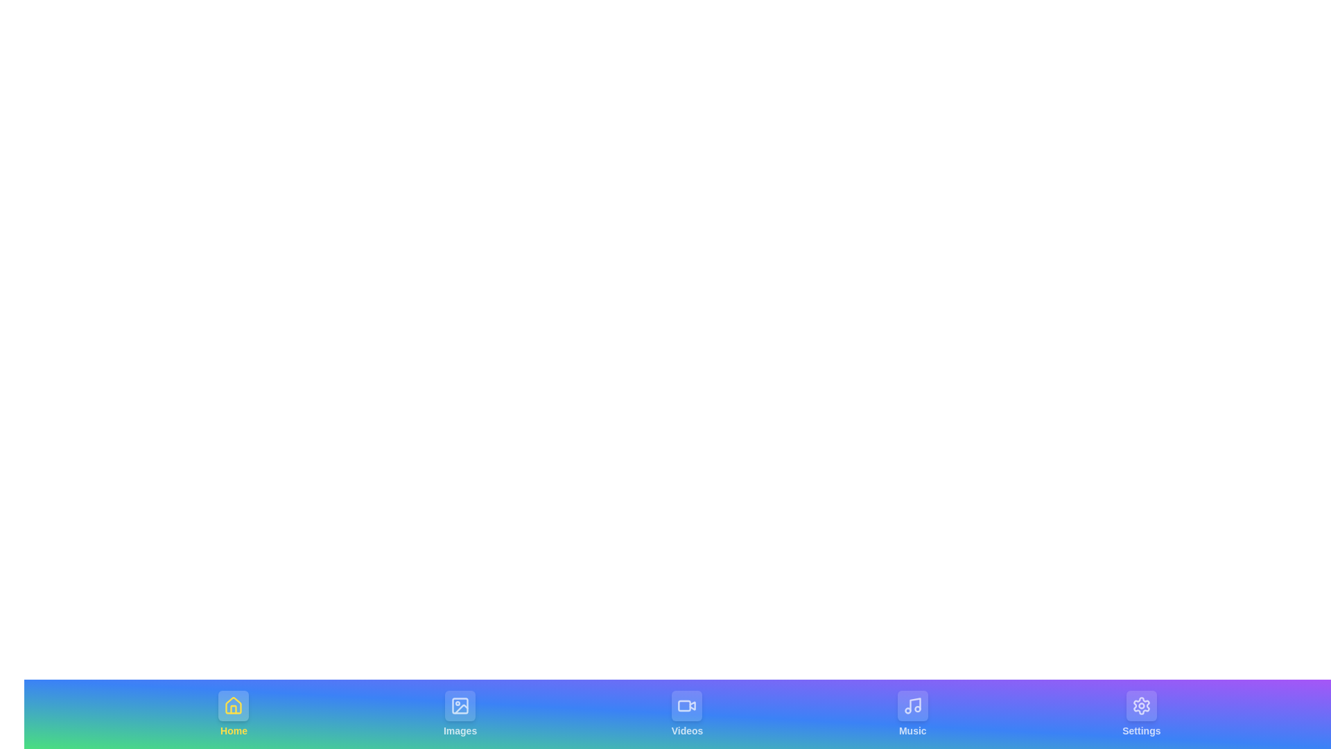 The height and width of the screenshot is (749, 1331). Describe the element at coordinates (460, 714) in the screenshot. I see `the tab labeled Images by clicking on its center` at that location.